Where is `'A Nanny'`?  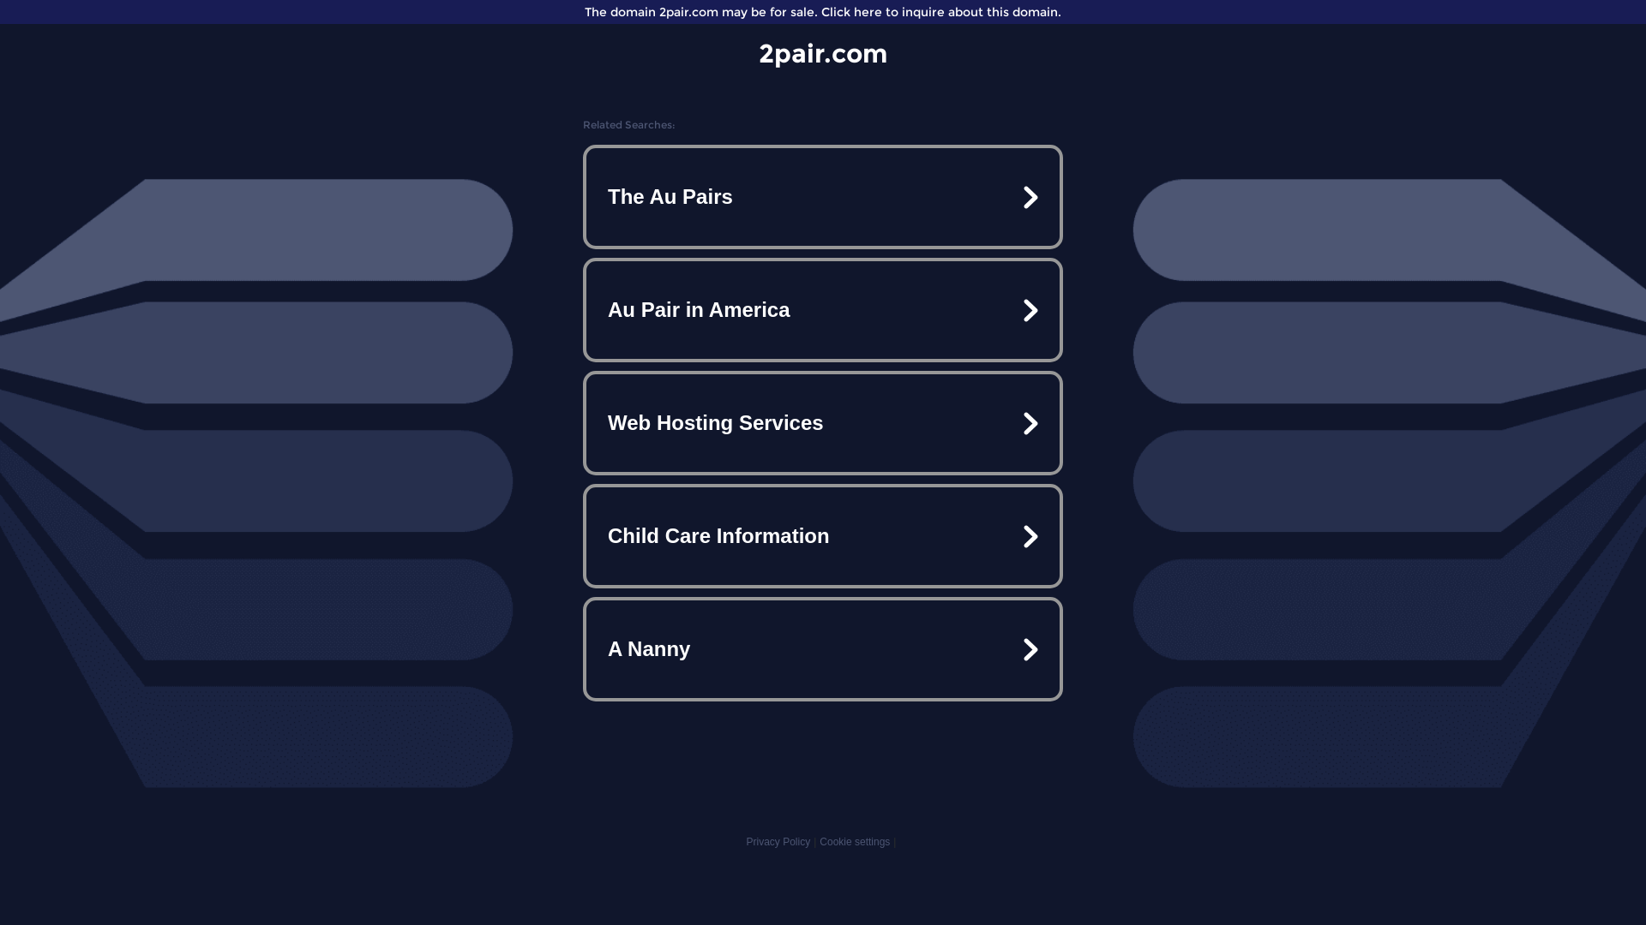
'A Nanny' is located at coordinates (823, 649).